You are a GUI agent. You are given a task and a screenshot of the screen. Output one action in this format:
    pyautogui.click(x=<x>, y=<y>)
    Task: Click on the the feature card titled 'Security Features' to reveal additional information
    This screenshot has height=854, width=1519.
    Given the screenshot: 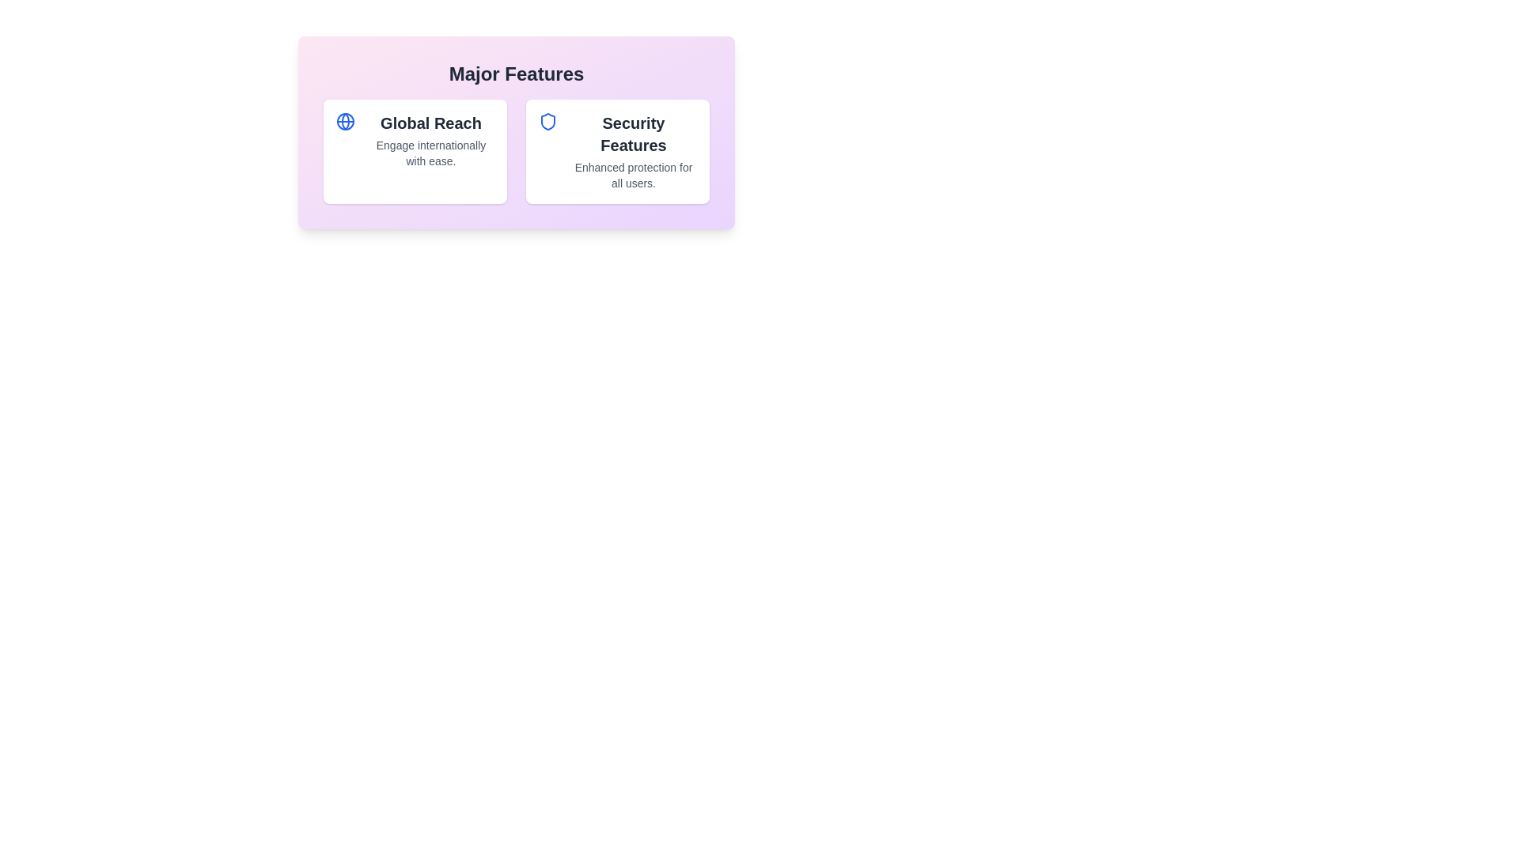 What is the action you would take?
    pyautogui.click(x=617, y=152)
    